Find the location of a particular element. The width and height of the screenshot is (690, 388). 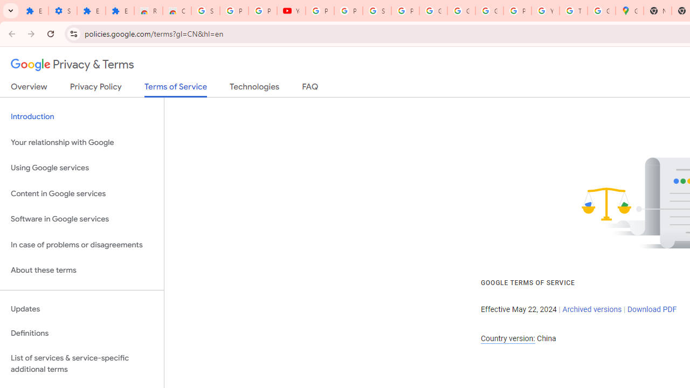

'List of services & service-specific additional terms' is located at coordinates (81, 364).